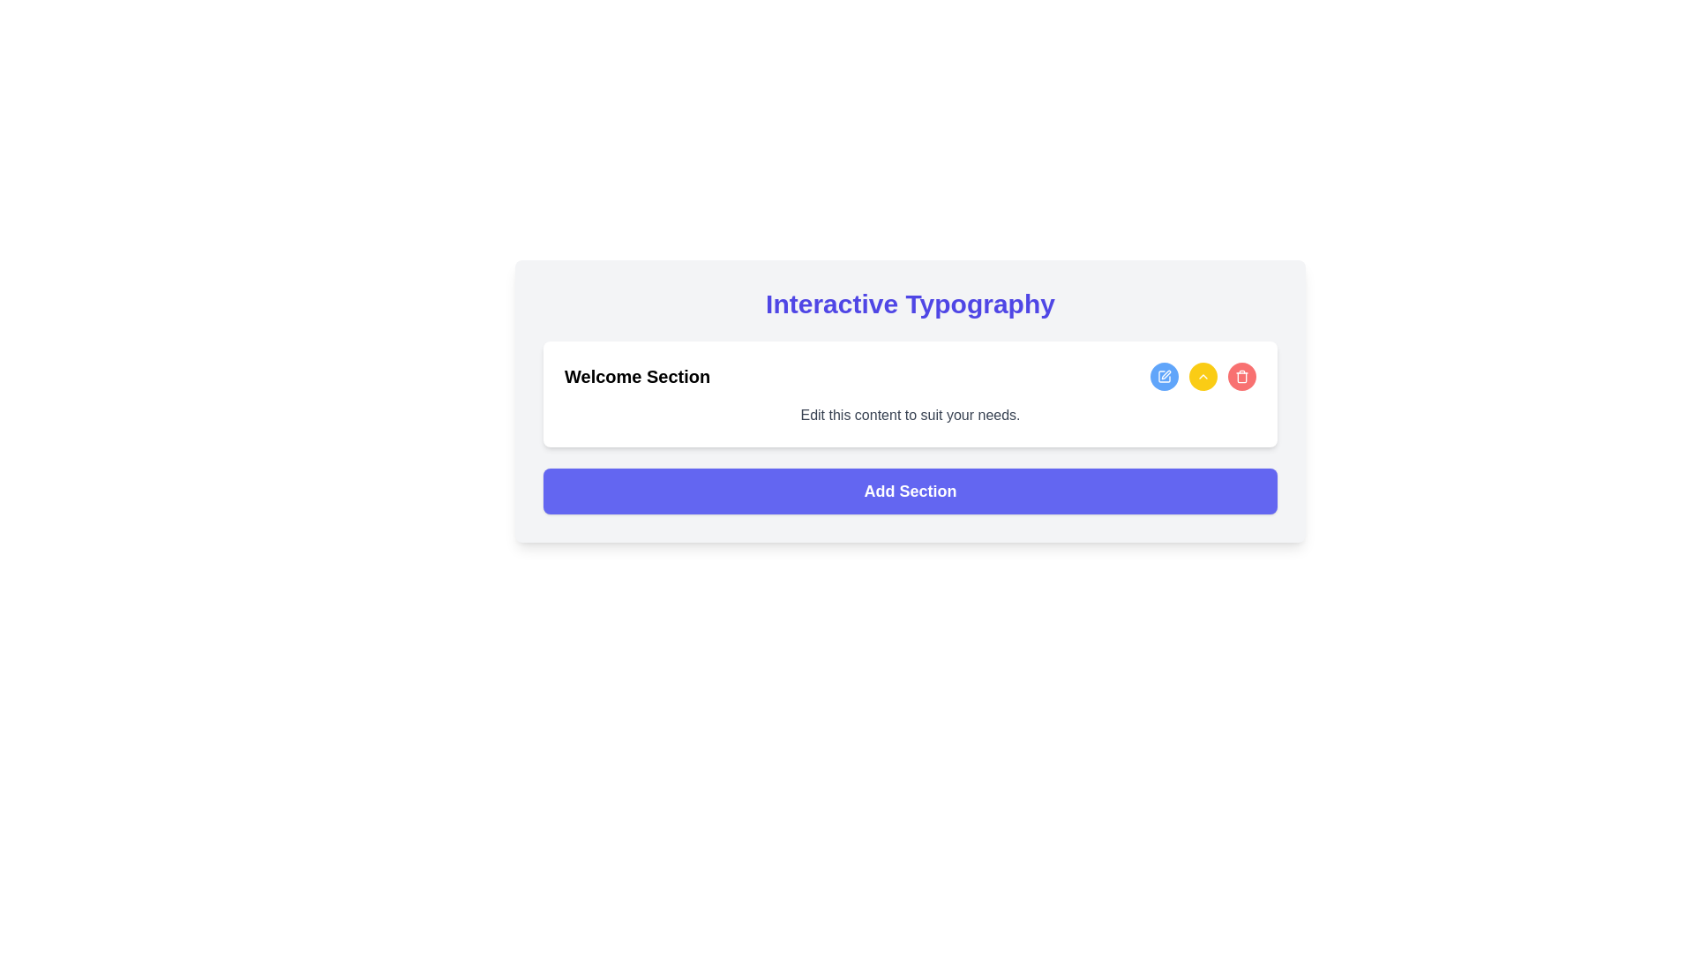 This screenshot has height=953, width=1694. I want to click on the delete button located at the far-right of the action buttons in the 'Welcome Section', so click(1241, 376).